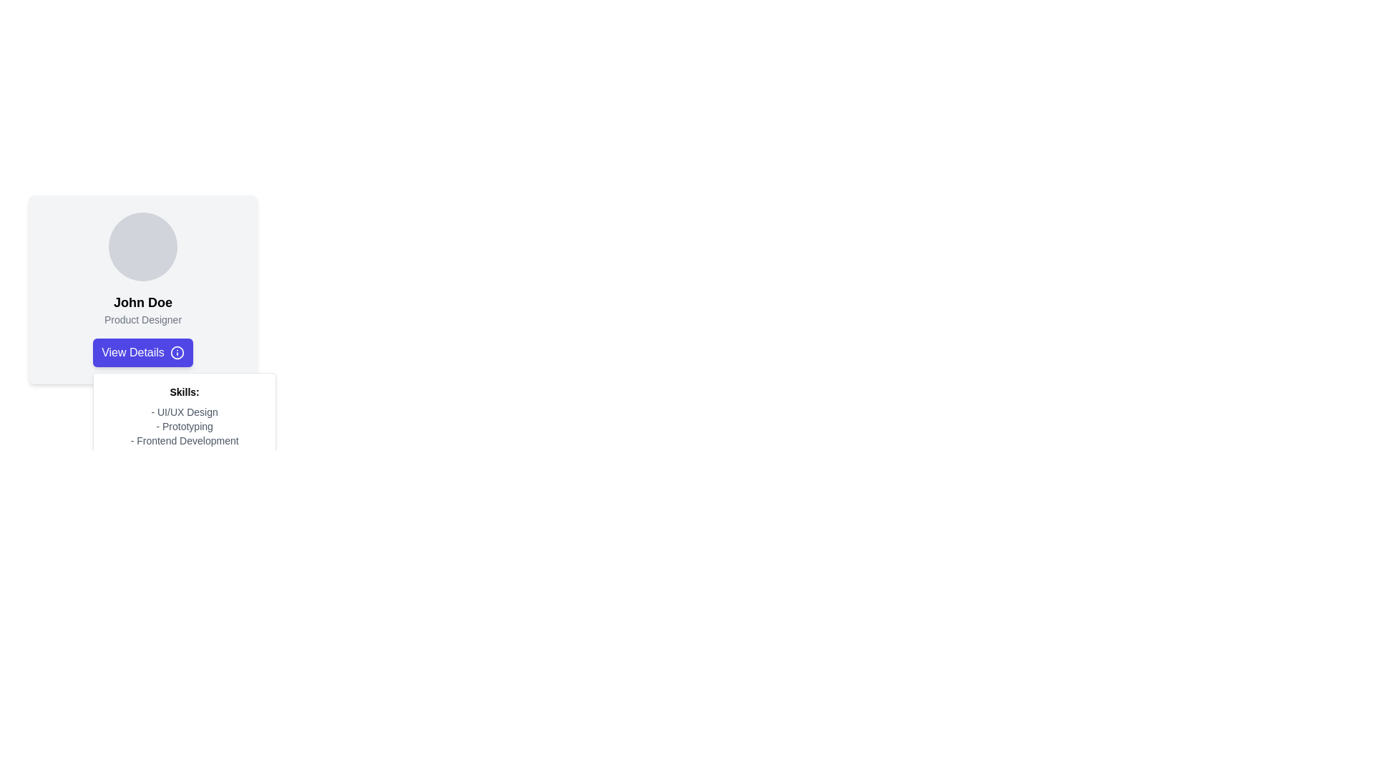 This screenshot has height=773, width=1374. I want to click on the button located below the 'John Doe' name and 'Product Designer' subtitle within the card, so click(143, 353).